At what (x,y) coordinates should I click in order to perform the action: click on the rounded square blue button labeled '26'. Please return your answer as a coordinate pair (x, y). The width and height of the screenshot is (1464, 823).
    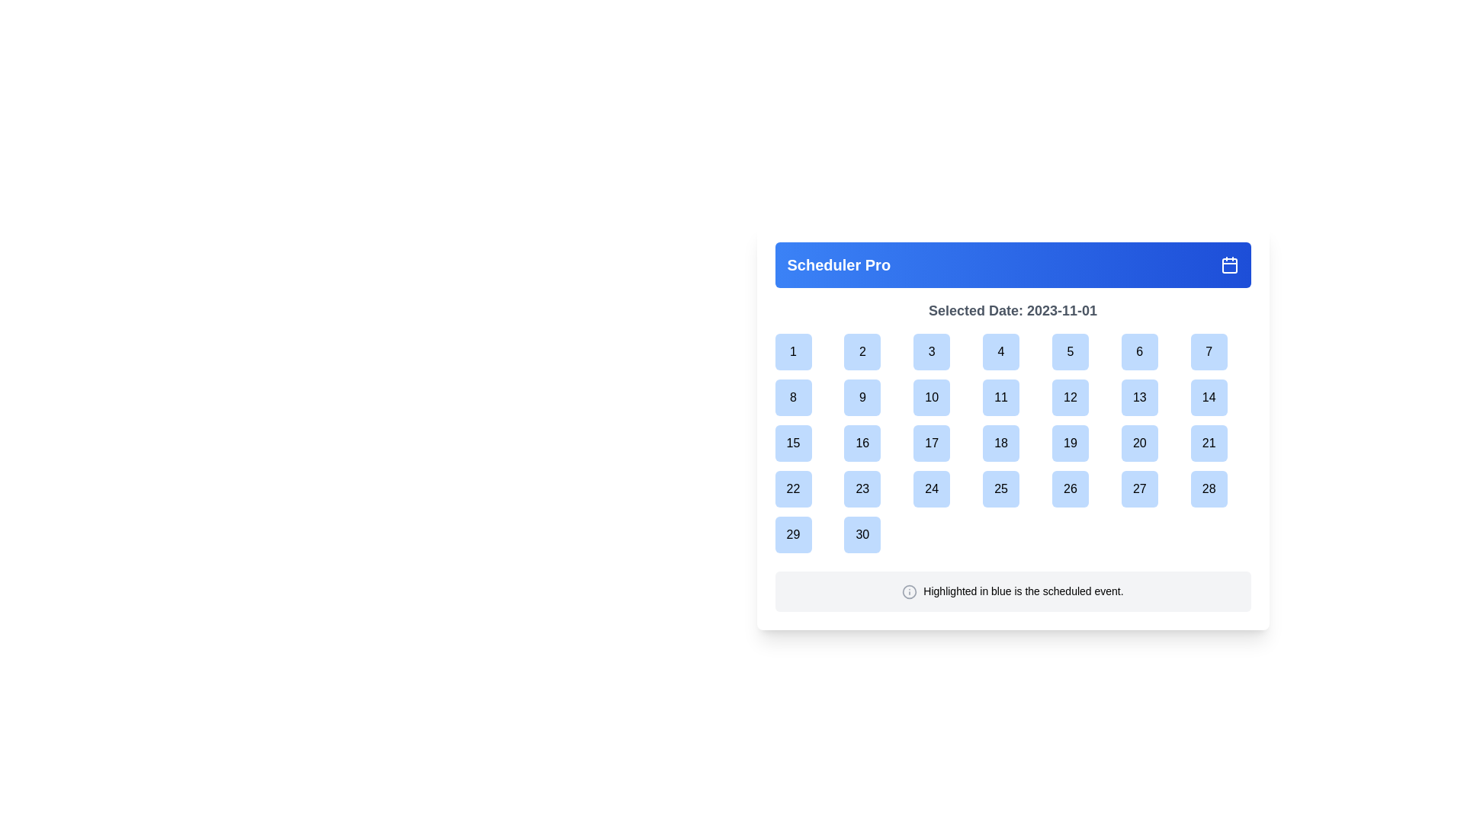
    Looking at the image, I should click on (1069, 488).